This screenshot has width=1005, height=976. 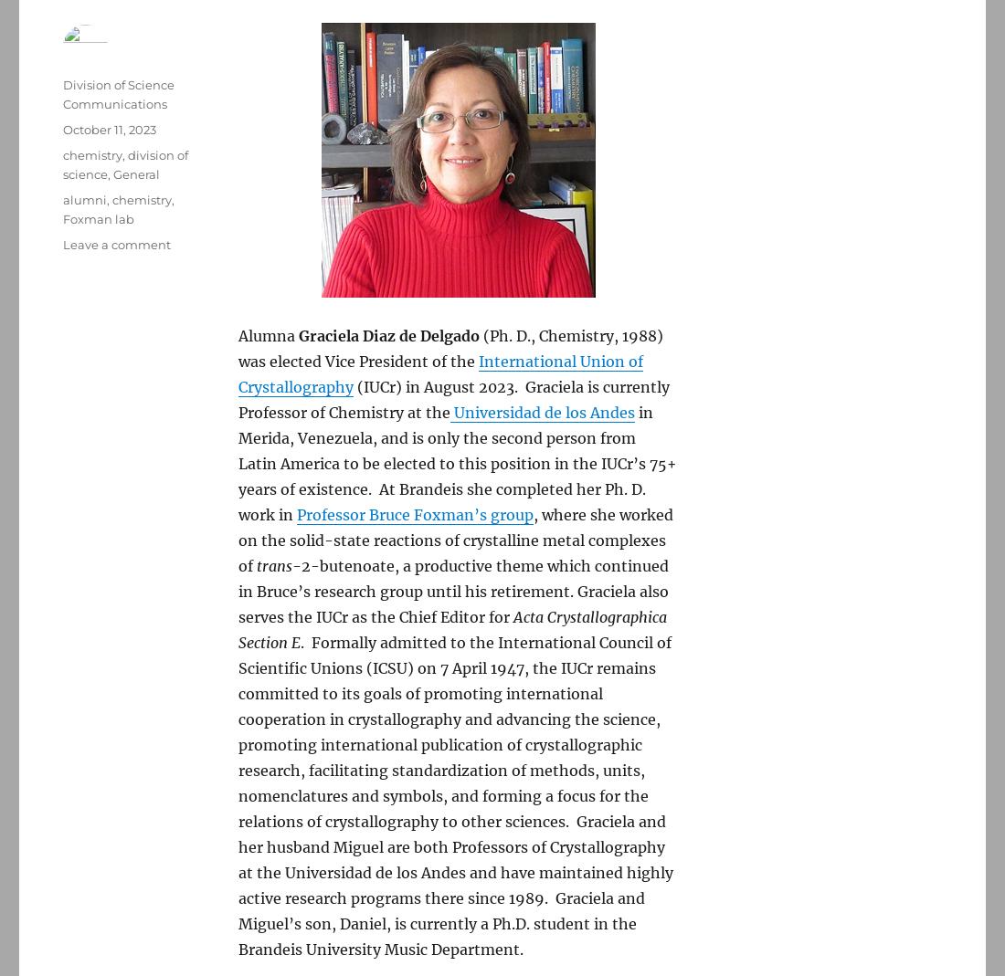 I want to click on 'Foxman lab', so click(x=99, y=217).